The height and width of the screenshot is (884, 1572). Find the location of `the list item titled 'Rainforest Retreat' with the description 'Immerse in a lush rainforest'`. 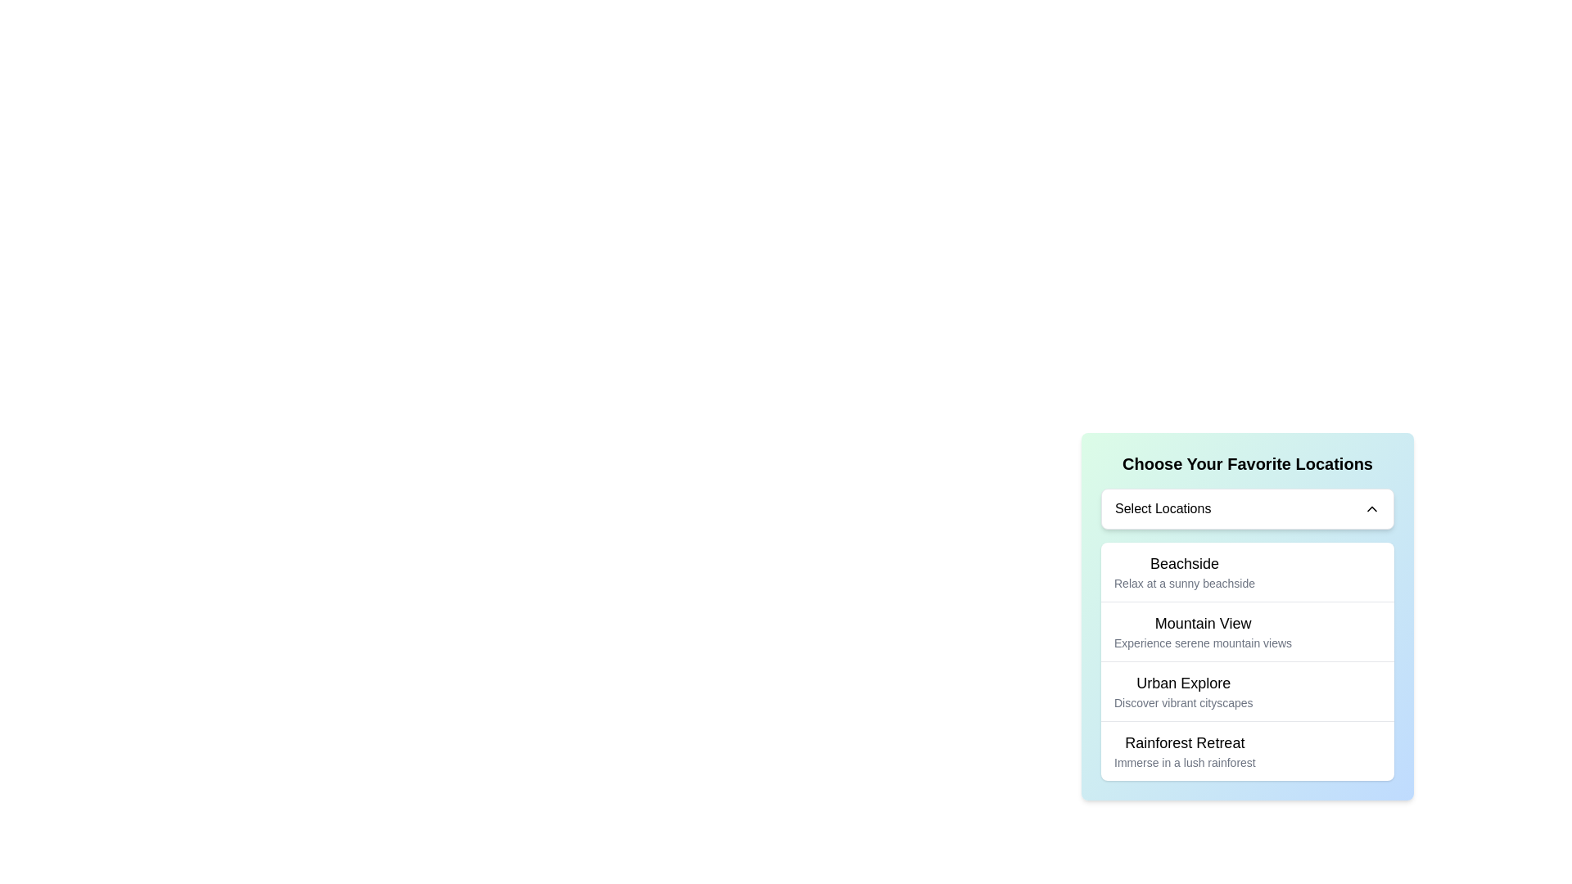

the list item titled 'Rainforest Retreat' with the description 'Immerse in a lush rainforest' is located at coordinates (1185, 751).